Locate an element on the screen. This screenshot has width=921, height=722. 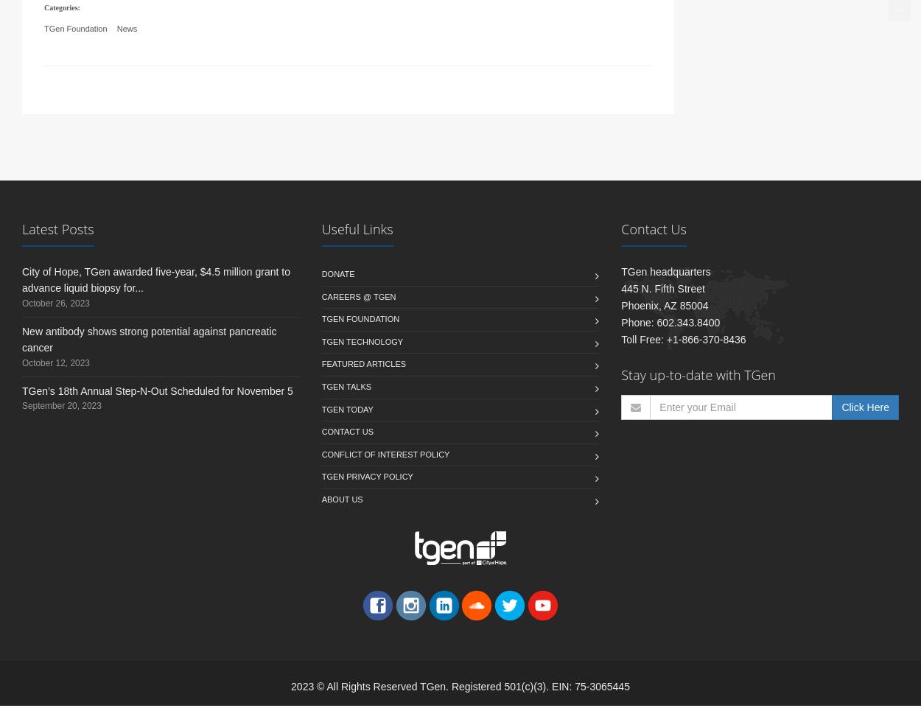
'TGen Technology' is located at coordinates (361, 358).